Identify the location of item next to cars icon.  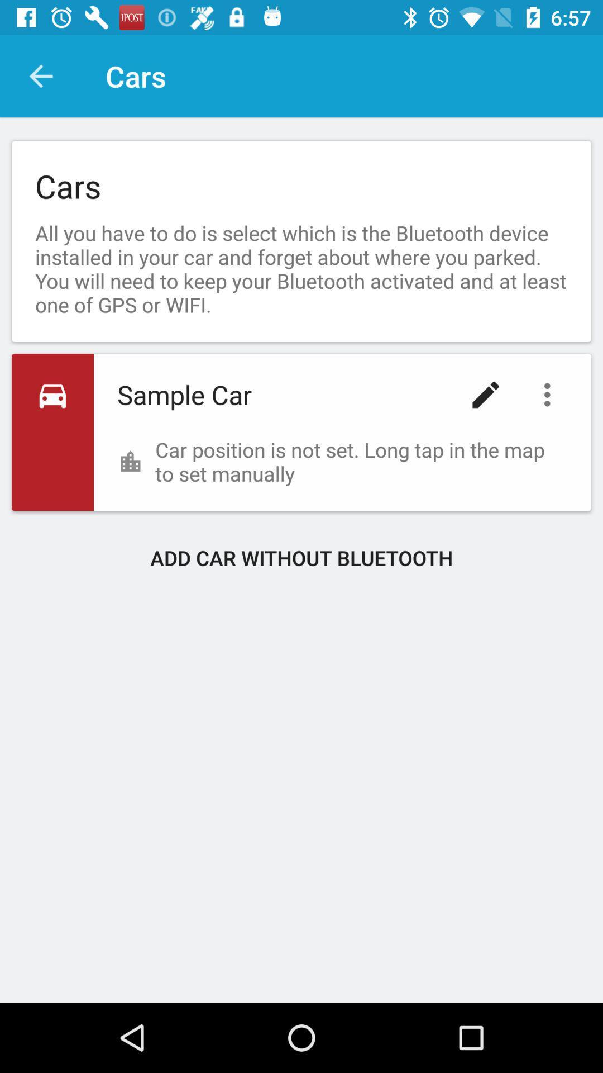
(40, 75).